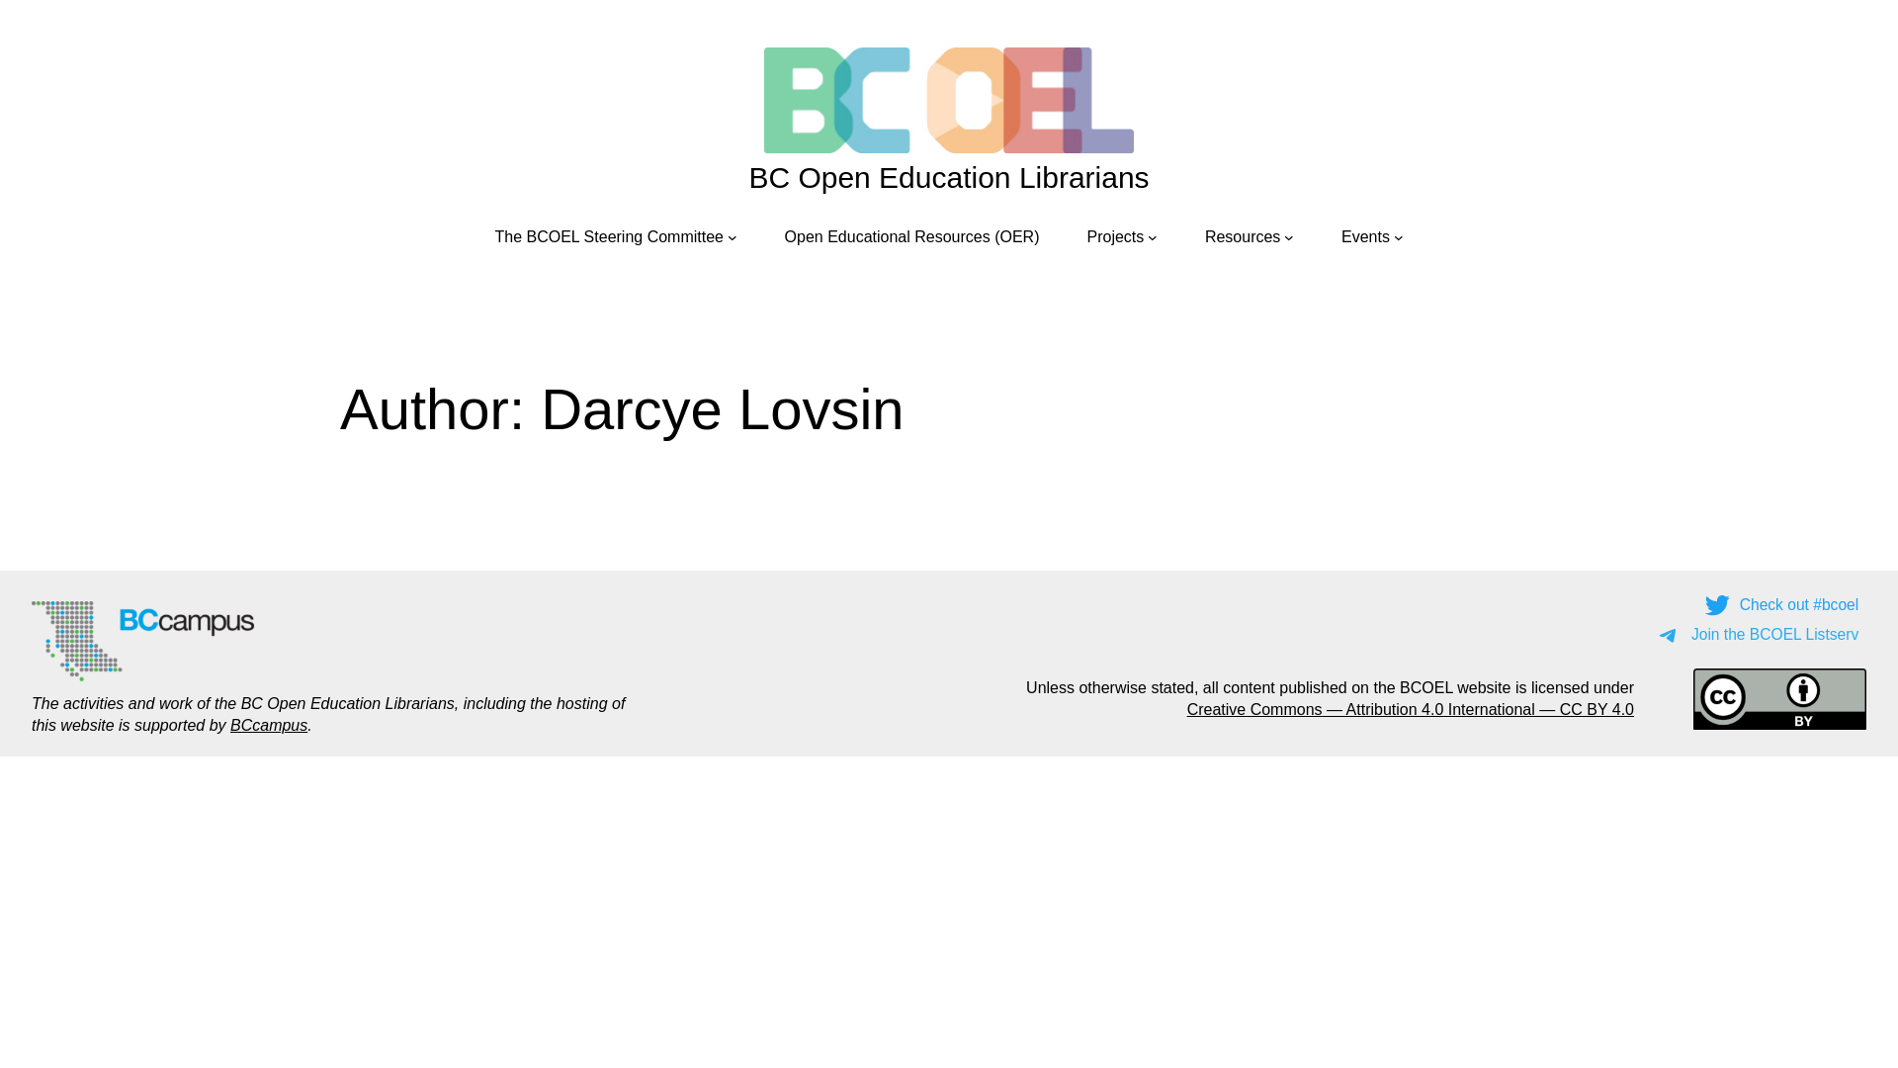  I want to click on 'Open Educational Resources (OER)', so click(783, 235).